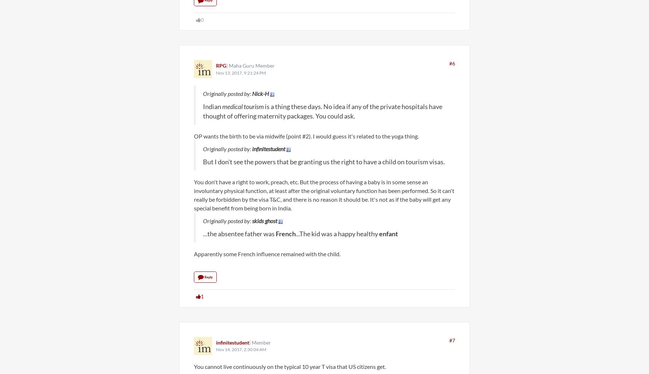 The width and height of the screenshot is (649, 374). What do you see at coordinates (239, 233) in the screenshot?
I see `'...the absentee father was'` at bounding box center [239, 233].